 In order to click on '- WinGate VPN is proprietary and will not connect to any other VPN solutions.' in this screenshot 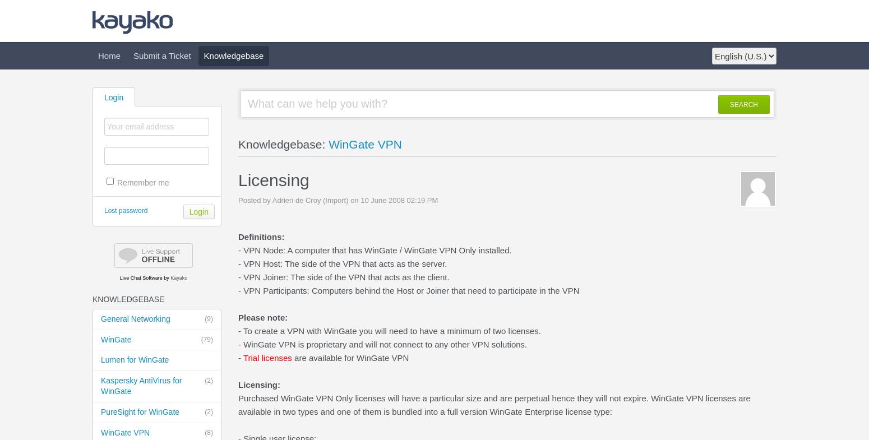, I will do `click(382, 344)`.